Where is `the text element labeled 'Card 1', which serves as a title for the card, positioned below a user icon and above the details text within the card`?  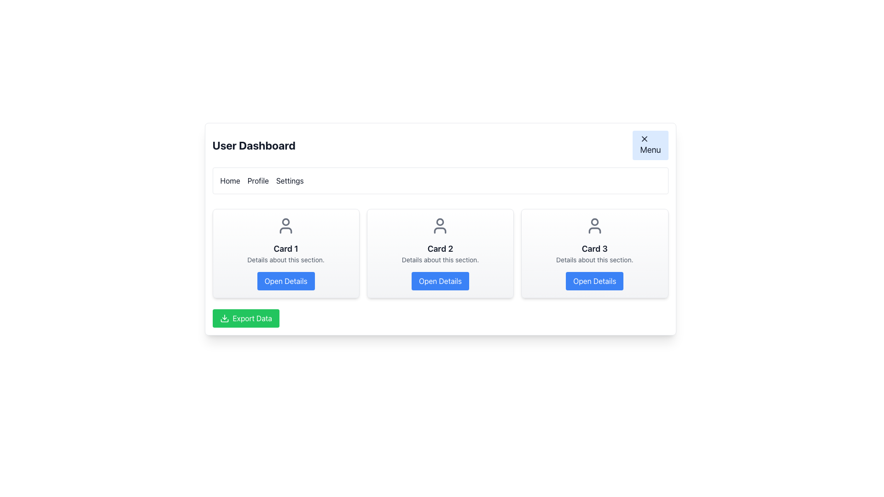
the text element labeled 'Card 1', which serves as a title for the card, positioned below a user icon and above the details text within the card is located at coordinates (285, 248).